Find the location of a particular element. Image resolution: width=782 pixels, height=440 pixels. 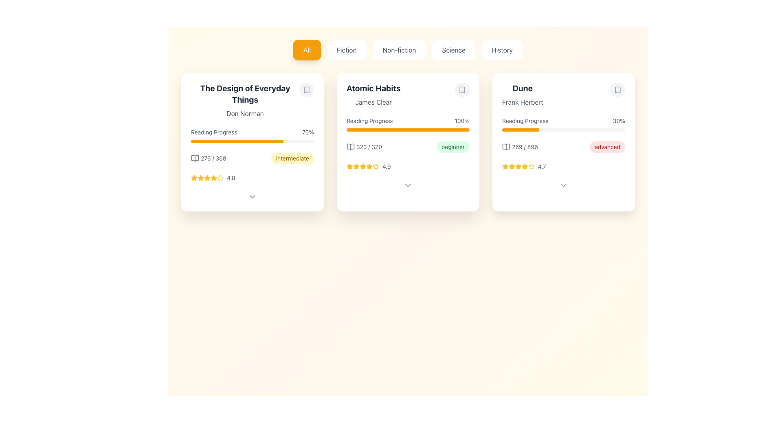

the second star in the 5-star rating system is located at coordinates (512, 166).